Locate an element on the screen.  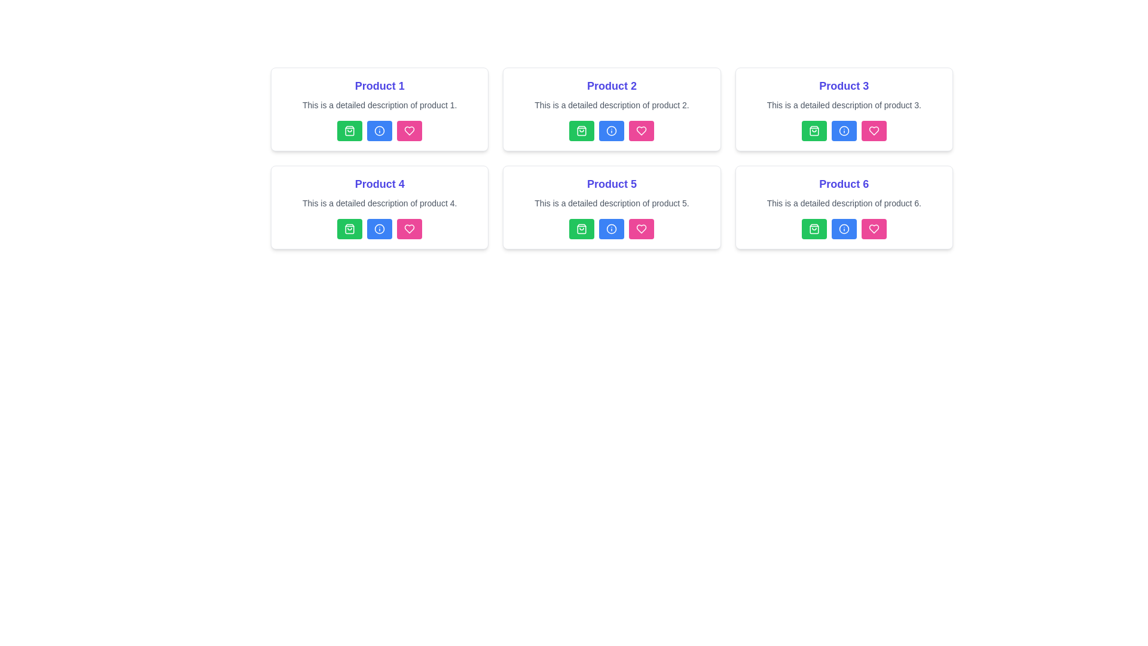
the heart-shaped icon button, which is the last icon in the horizontal row of icons located in the card labeled 'Product 4' is located at coordinates (410, 228).